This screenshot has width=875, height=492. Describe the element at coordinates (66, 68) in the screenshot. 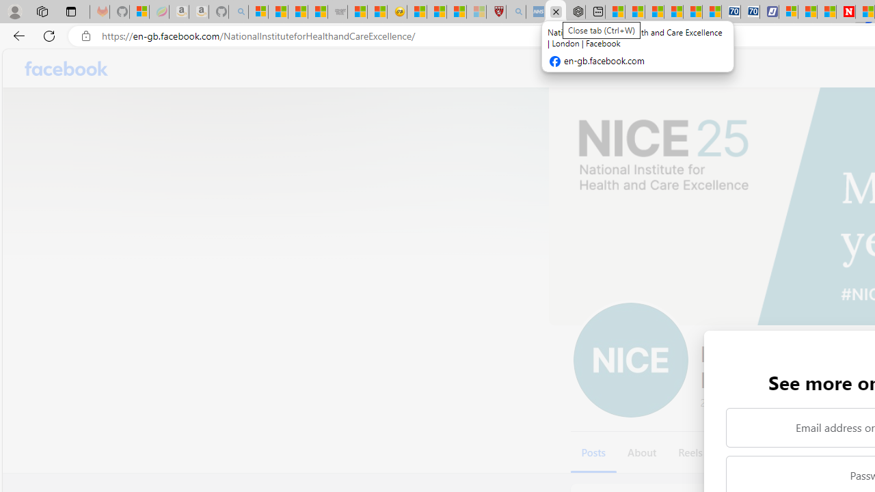

I see `'Facebook'` at that location.